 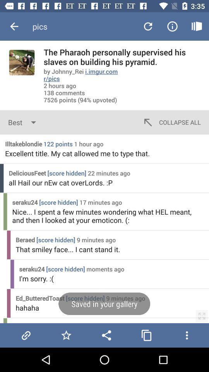 I want to click on the item above the the pharaoh personally, so click(x=197, y=26).